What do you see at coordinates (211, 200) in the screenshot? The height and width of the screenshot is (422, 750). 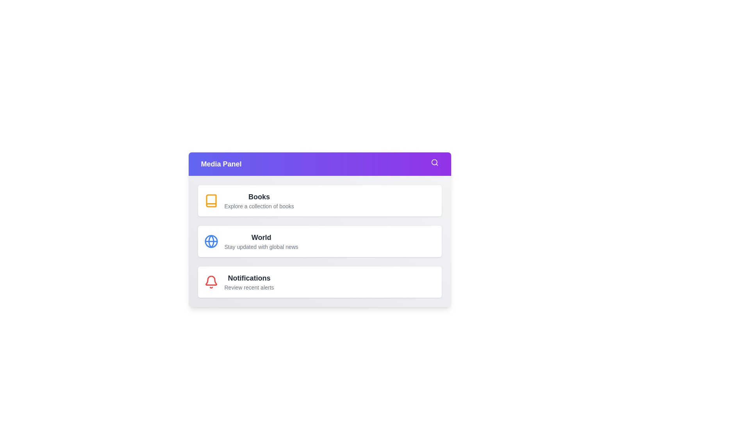 I see `the menu option Books to view its highlight` at bounding box center [211, 200].